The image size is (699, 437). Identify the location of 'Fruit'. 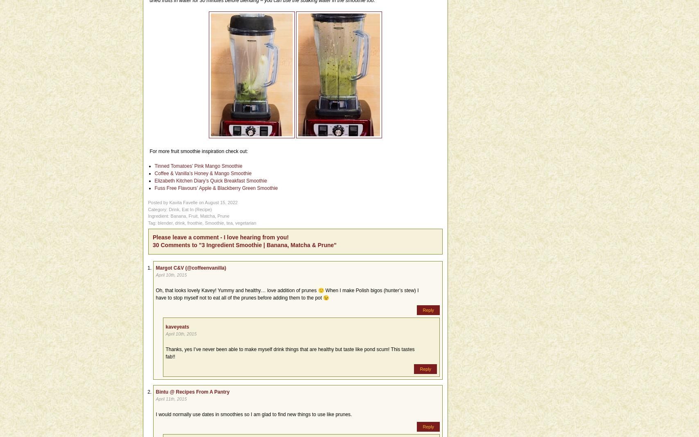
(192, 216).